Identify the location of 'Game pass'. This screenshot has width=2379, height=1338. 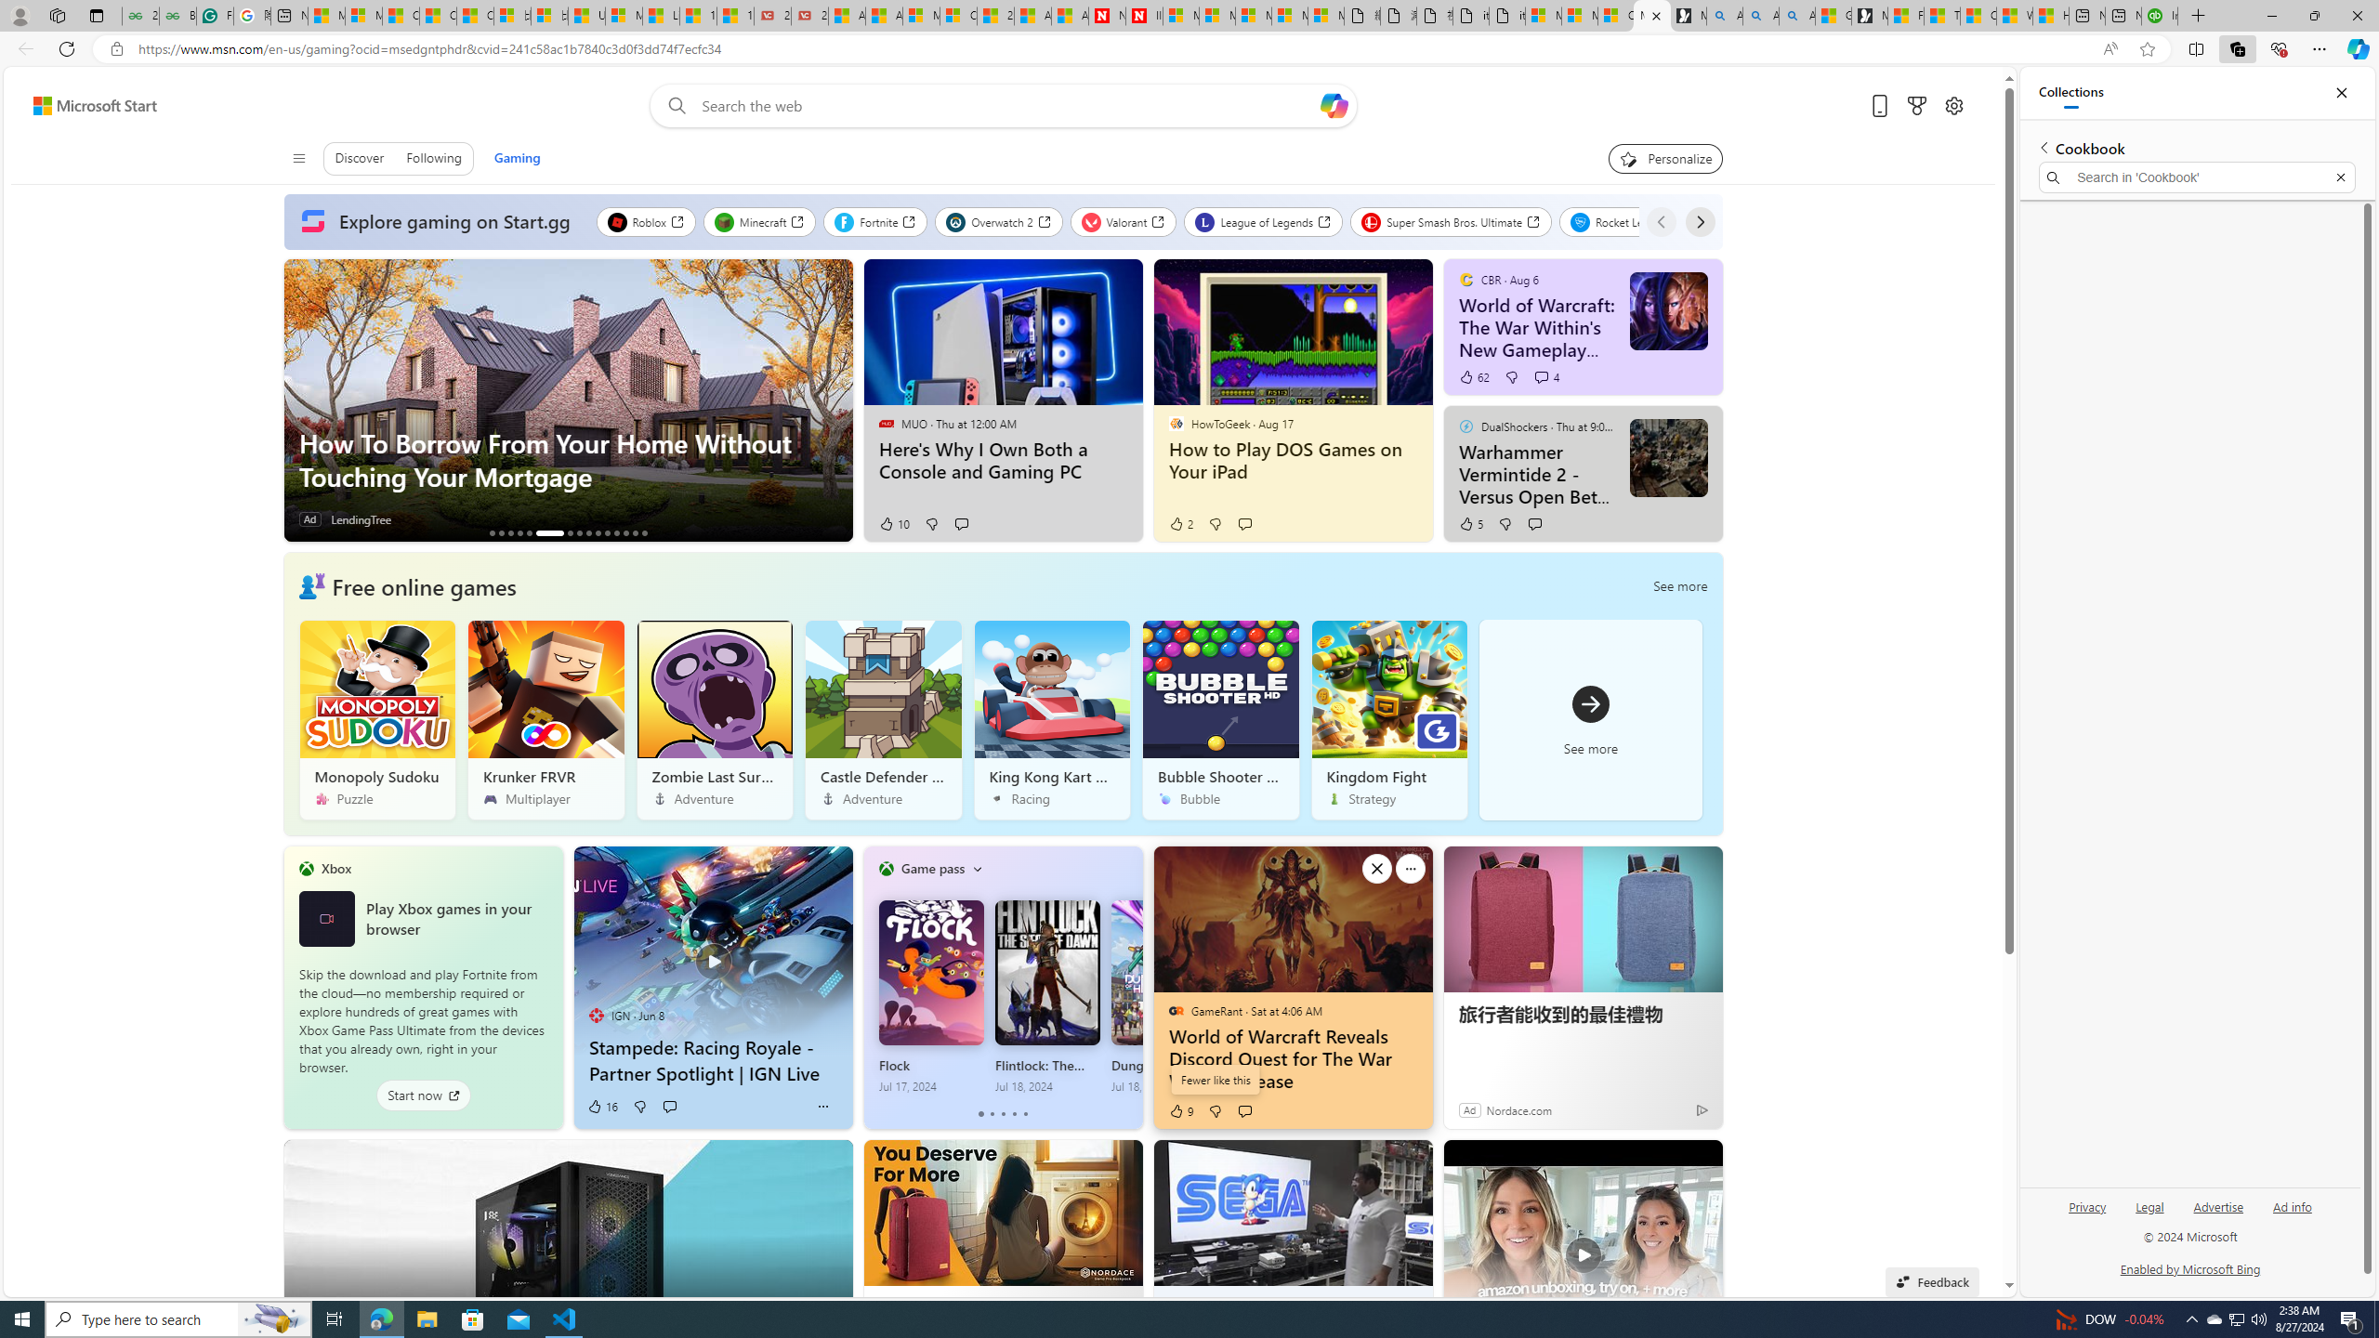
(931, 868).